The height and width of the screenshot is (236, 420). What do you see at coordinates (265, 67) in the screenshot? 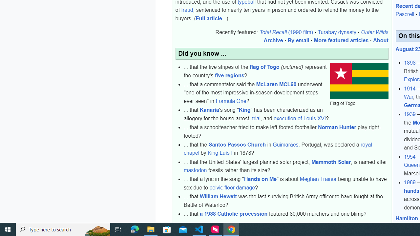
I see `'flag of Togo'` at bounding box center [265, 67].